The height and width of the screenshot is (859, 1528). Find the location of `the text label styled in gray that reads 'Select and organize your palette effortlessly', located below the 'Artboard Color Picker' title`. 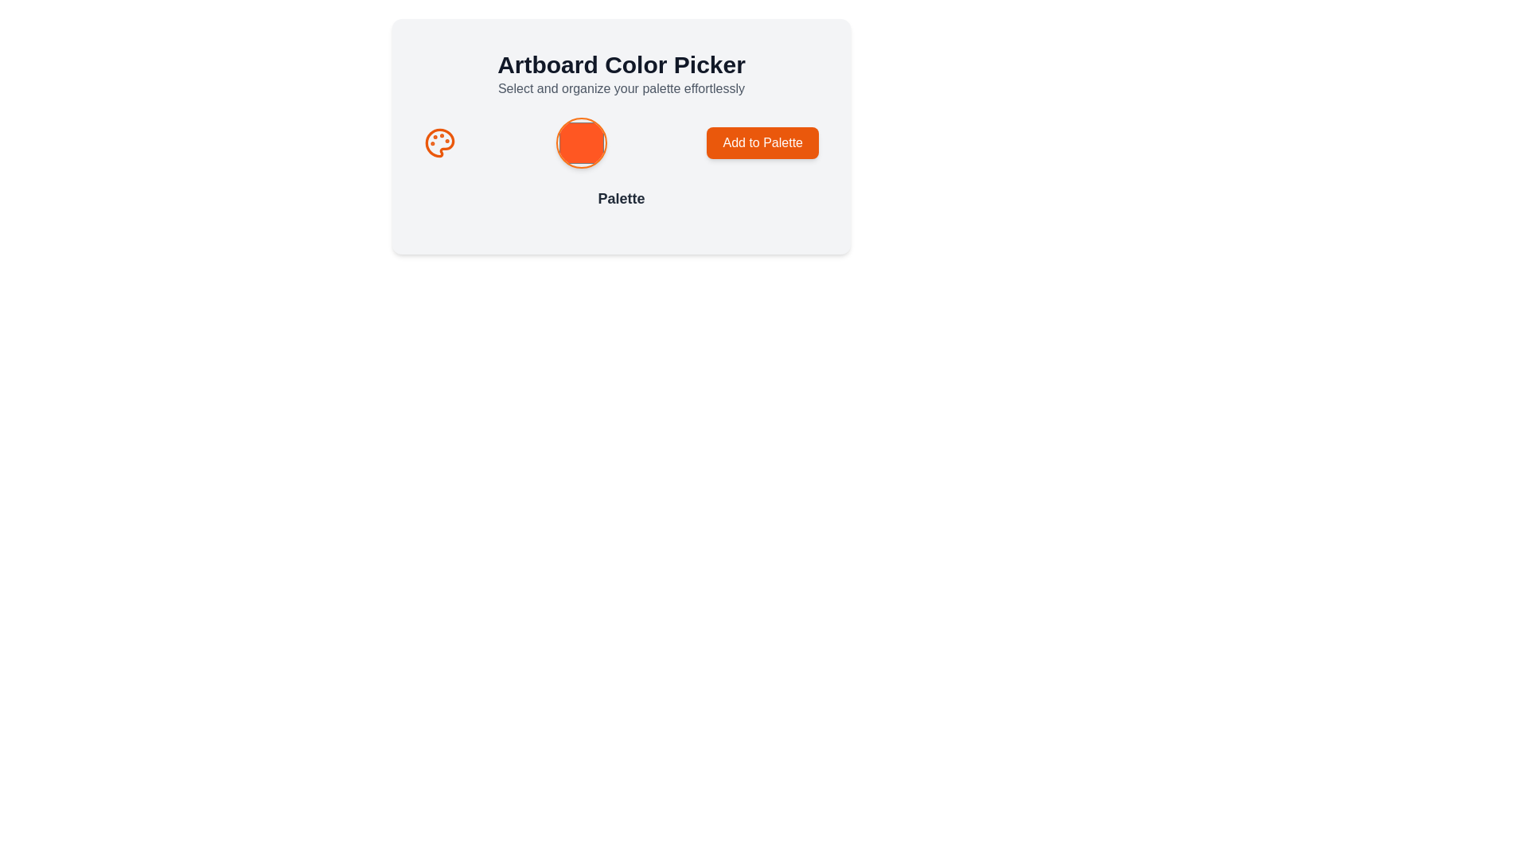

the text label styled in gray that reads 'Select and organize your palette effortlessly', located below the 'Artboard Color Picker' title is located at coordinates (621, 88).